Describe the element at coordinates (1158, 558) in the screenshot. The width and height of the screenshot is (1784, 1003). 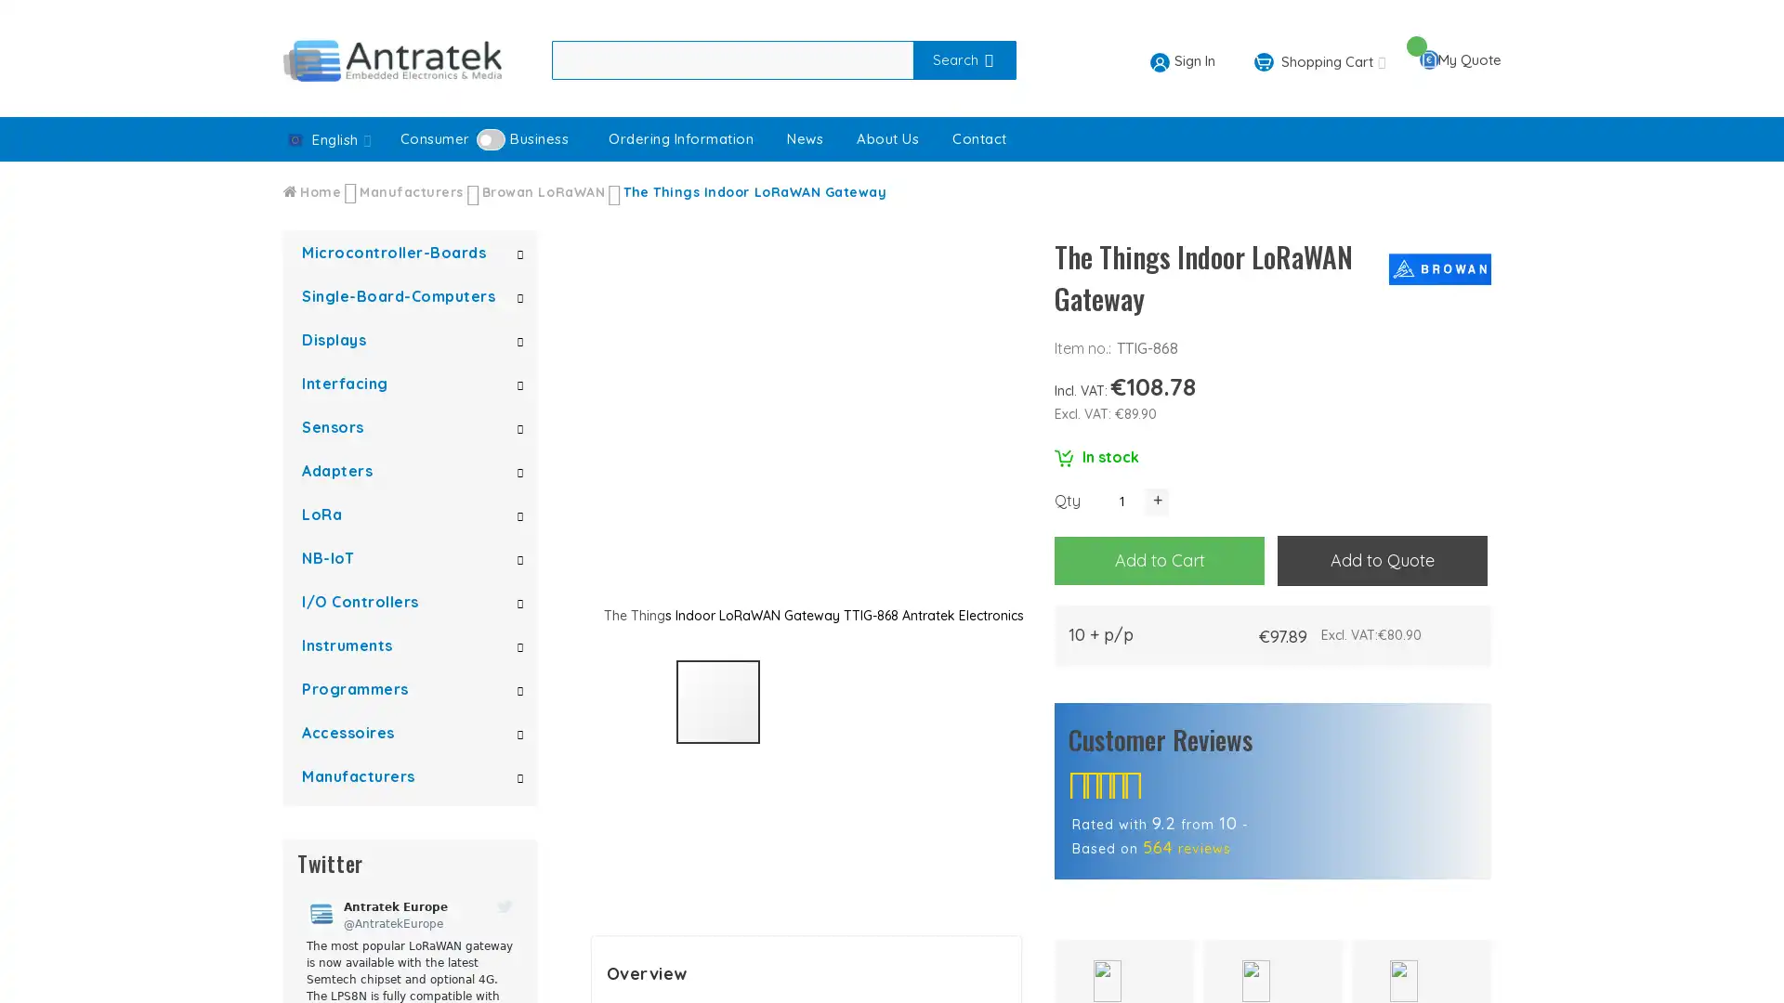
I see `Add to Cart` at that location.